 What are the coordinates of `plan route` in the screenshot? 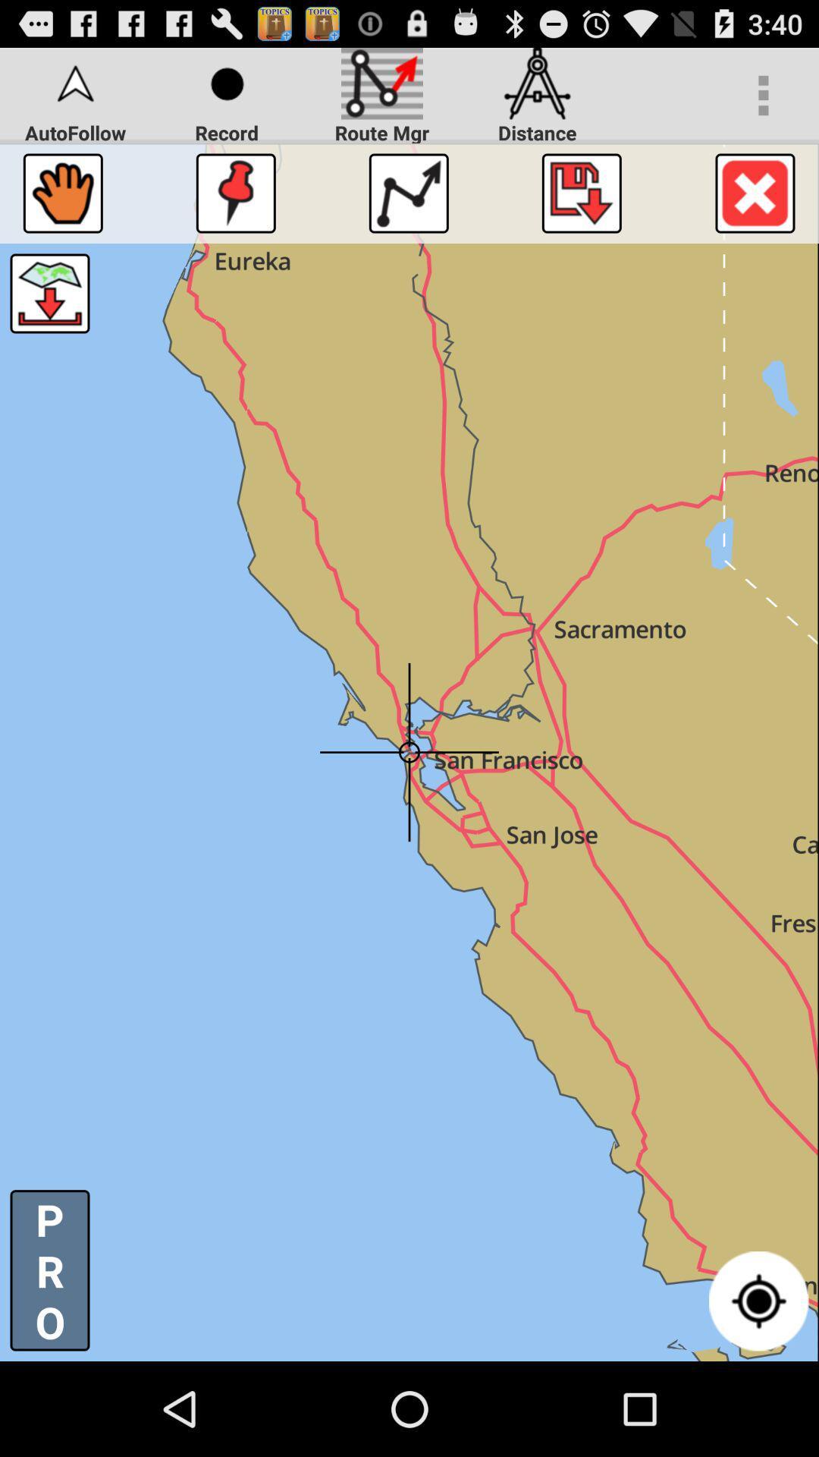 It's located at (408, 192).